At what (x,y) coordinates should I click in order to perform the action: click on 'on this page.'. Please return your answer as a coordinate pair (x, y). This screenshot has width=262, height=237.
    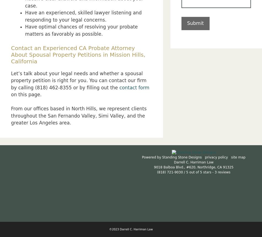
    Looking at the image, I should click on (26, 95).